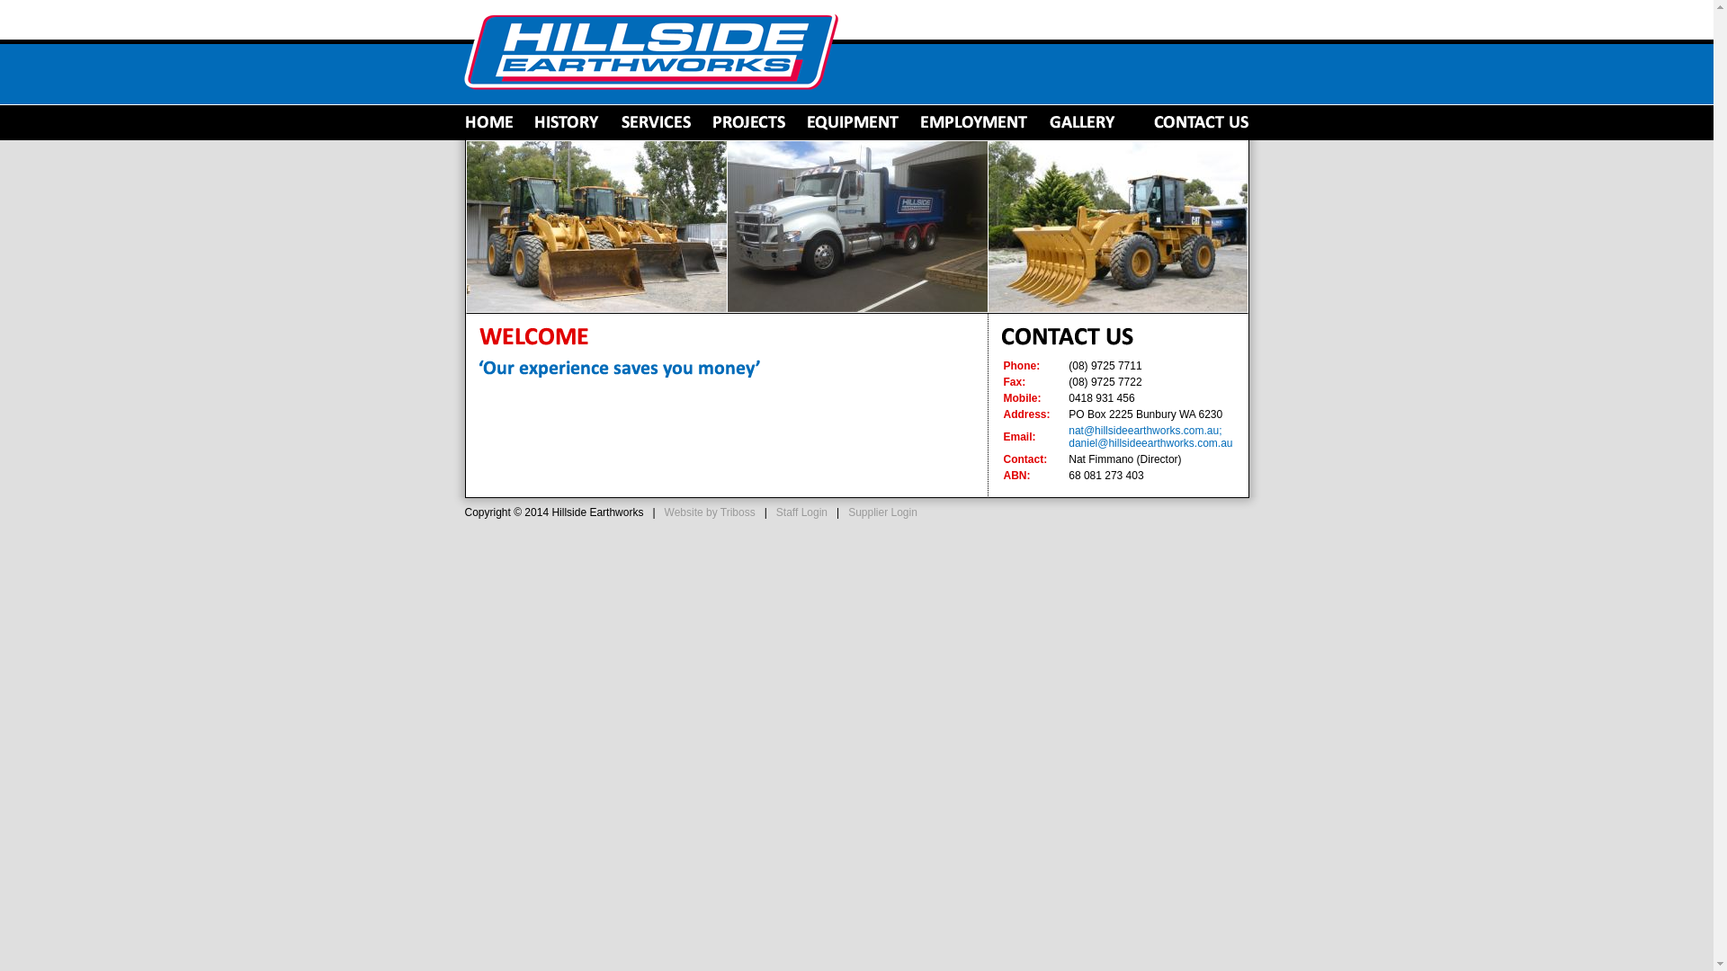 The width and height of the screenshot is (1727, 971). What do you see at coordinates (882, 512) in the screenshot?
I see `'Supplier Login'` at bounding box center [882, 512].